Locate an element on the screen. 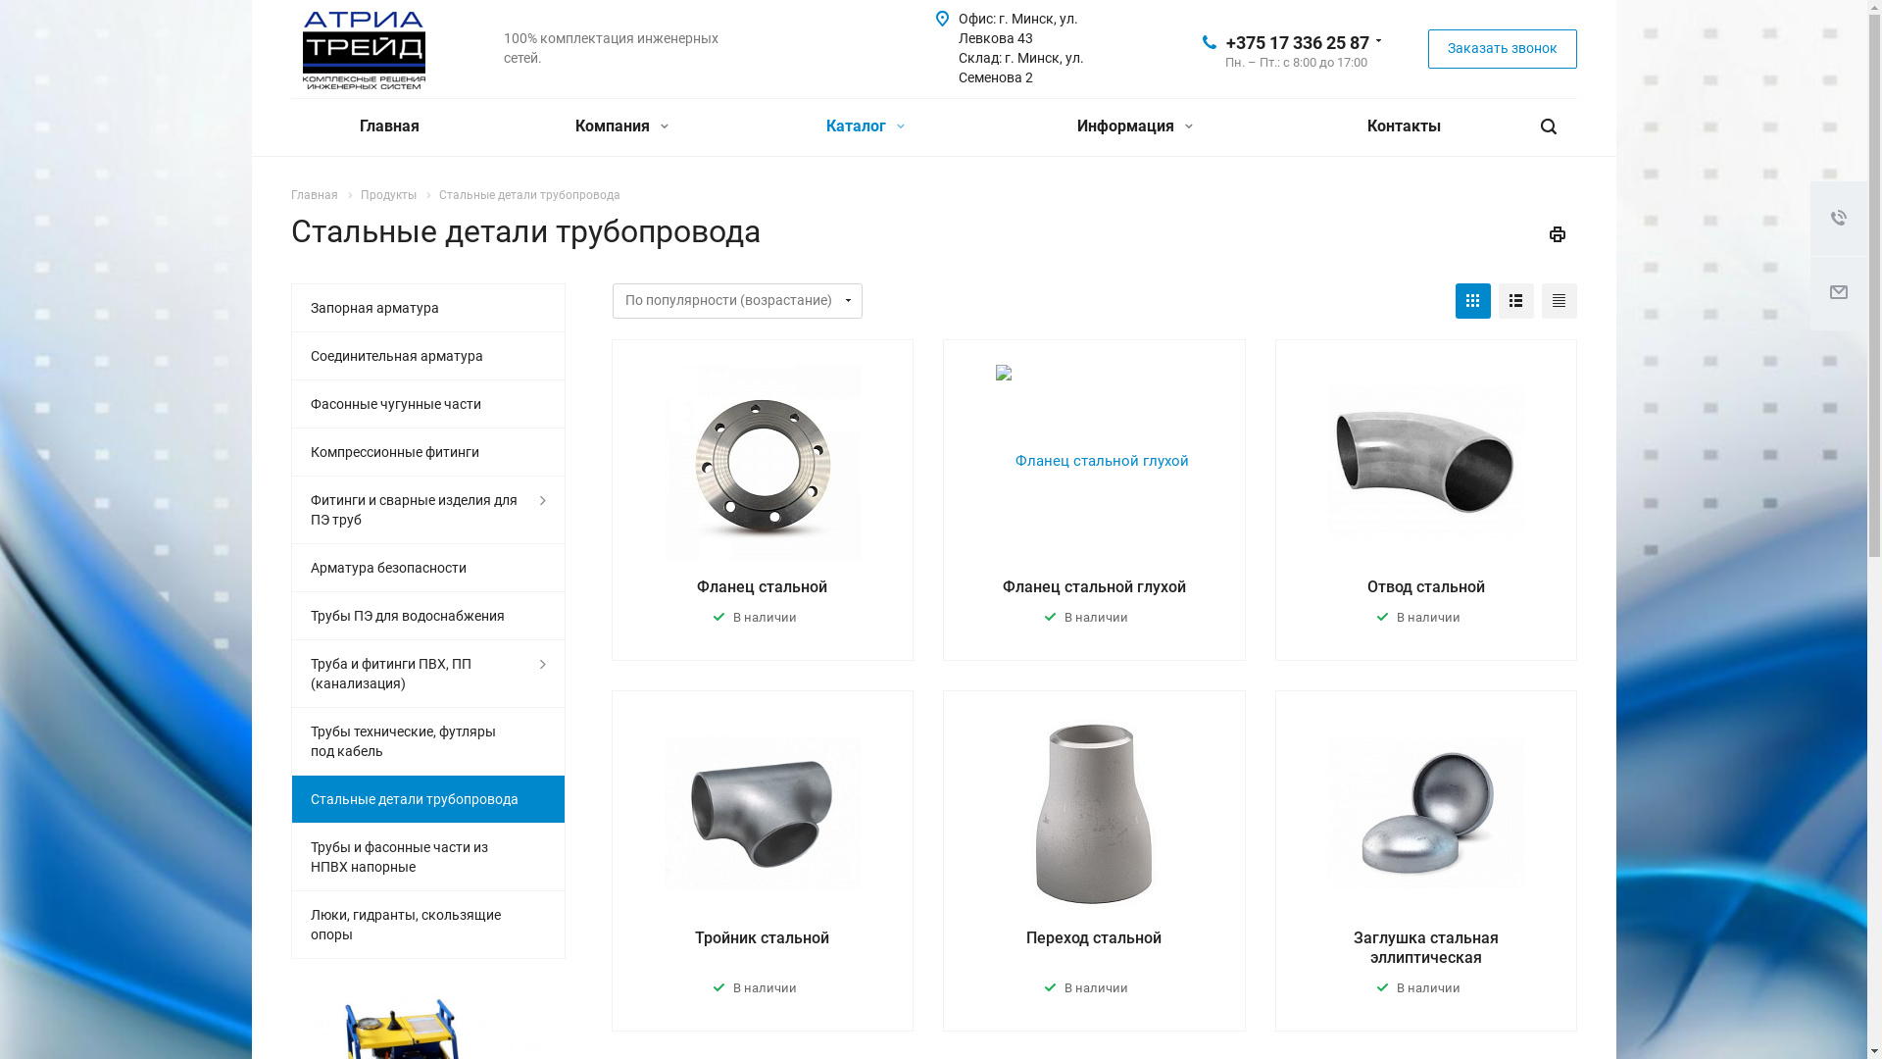 This screenshot has height=1059, width=1882. '+375 17 336 25 87' is located at coordinates (1297, 41).